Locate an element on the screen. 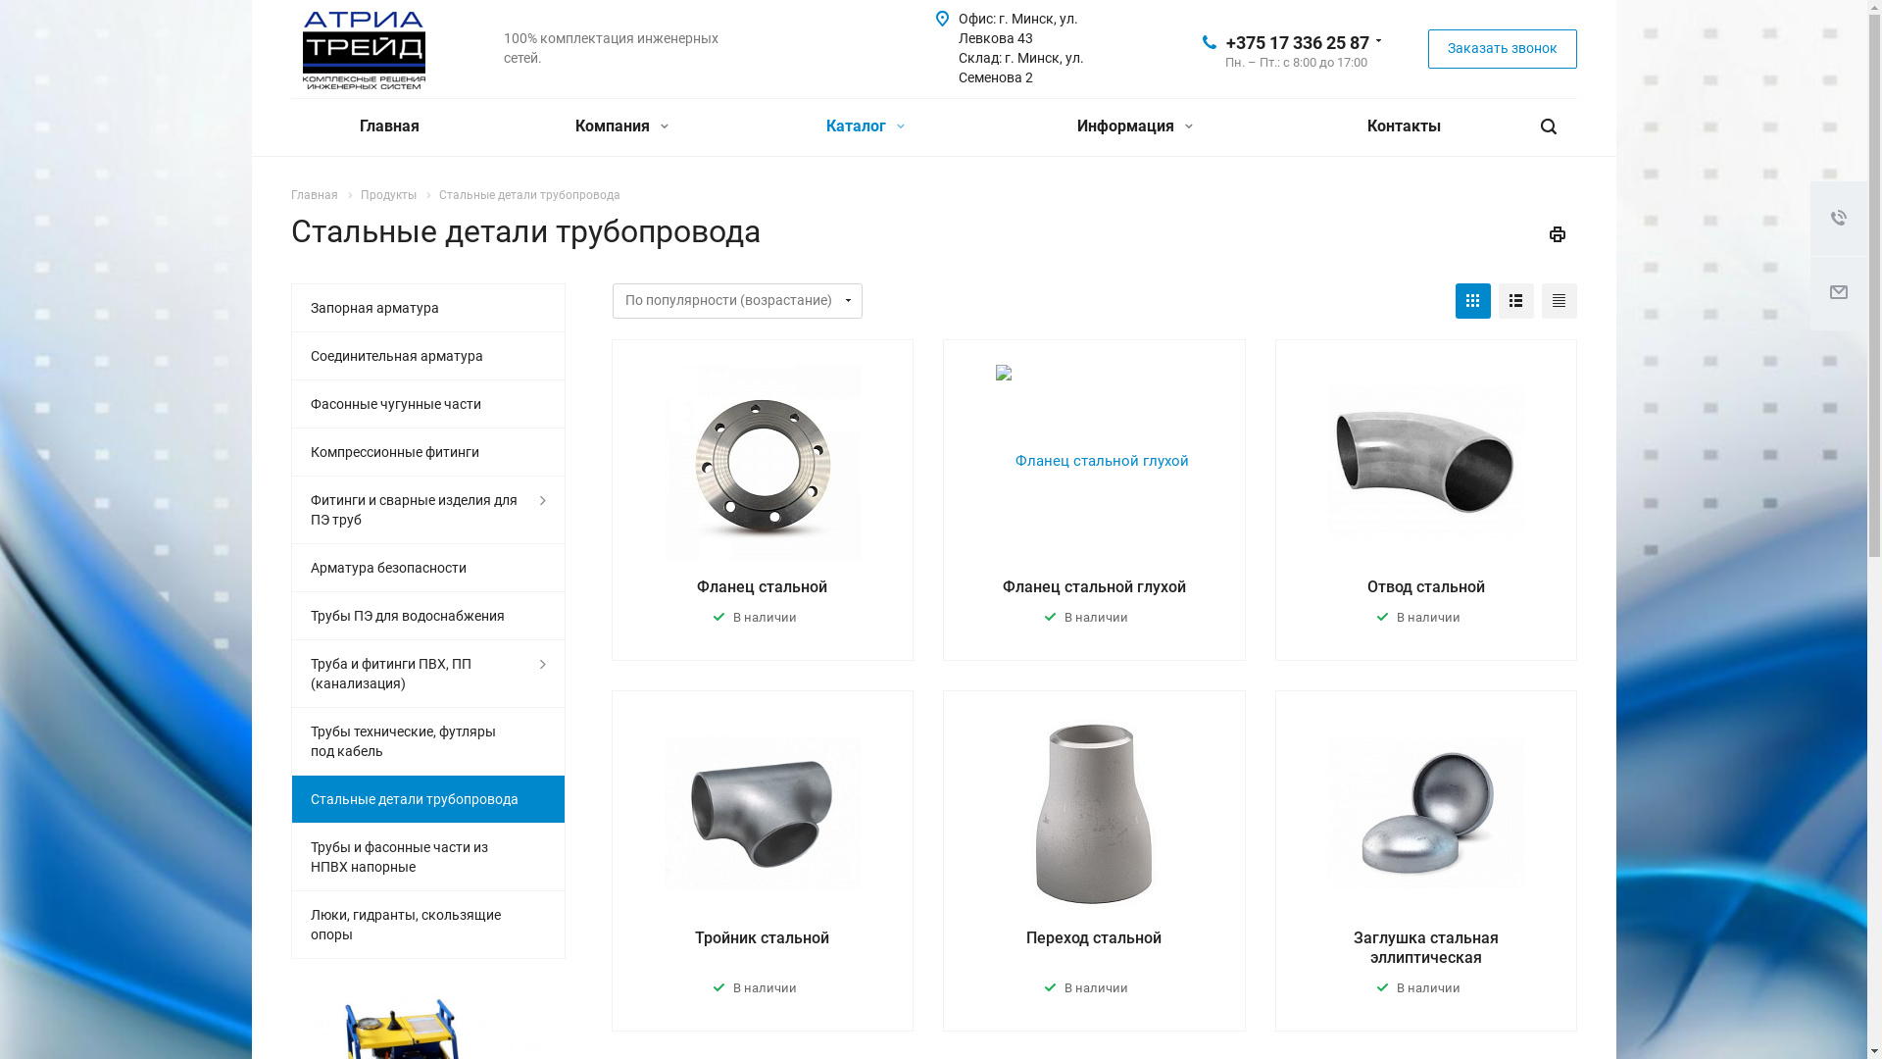 This screenshot has height=1059, width=1882. '+375 17 336 25 87' is located at coordinates (1297, 41).